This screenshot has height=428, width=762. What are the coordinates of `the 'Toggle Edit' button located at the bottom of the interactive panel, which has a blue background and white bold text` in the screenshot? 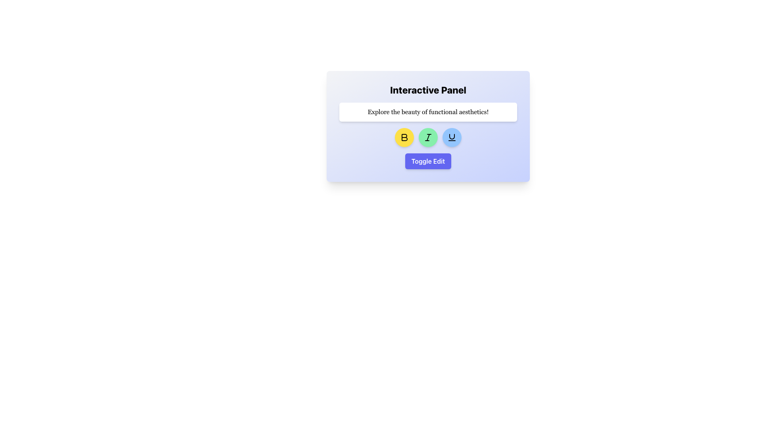 It's located at (428, 161).